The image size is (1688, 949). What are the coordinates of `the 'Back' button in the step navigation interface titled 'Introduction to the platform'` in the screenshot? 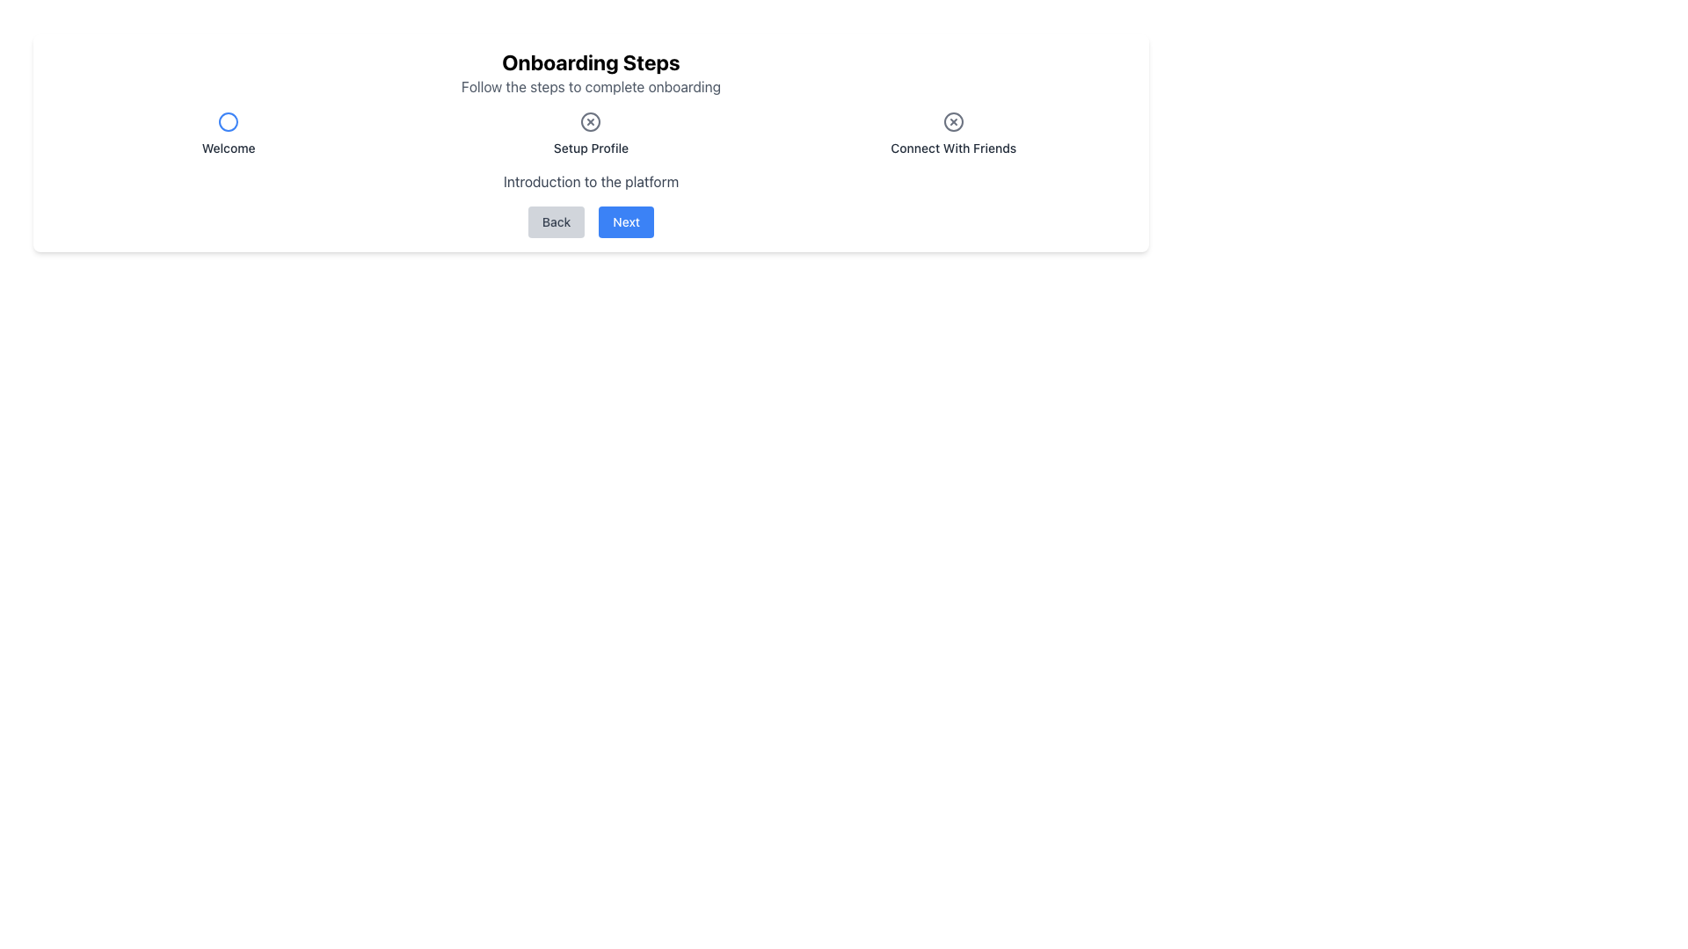 It's located at (591, 203).